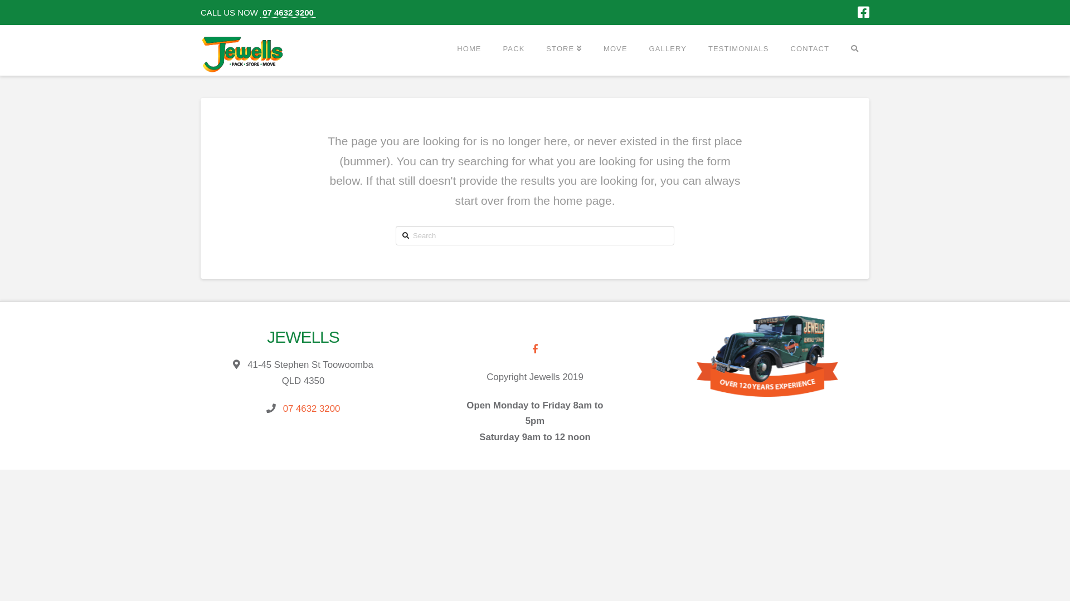  Describe the element at coordinates (312, 408) in the screenshot. I see `'07 4632 3200'` at that location.